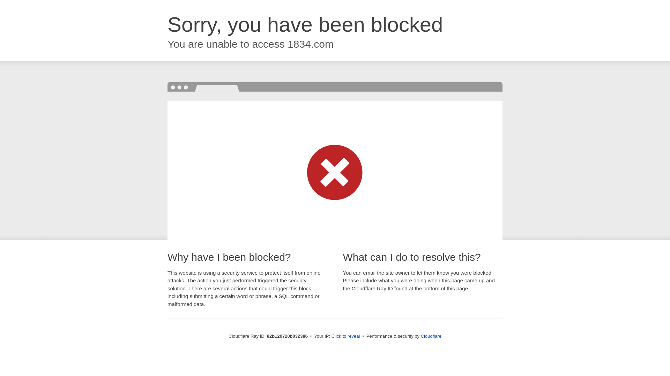 The width and height of the screenshot is (670, 376). Describe the element at coordinates (331, 336) in the screenshot. I see `'Click to reveal'` at that location.